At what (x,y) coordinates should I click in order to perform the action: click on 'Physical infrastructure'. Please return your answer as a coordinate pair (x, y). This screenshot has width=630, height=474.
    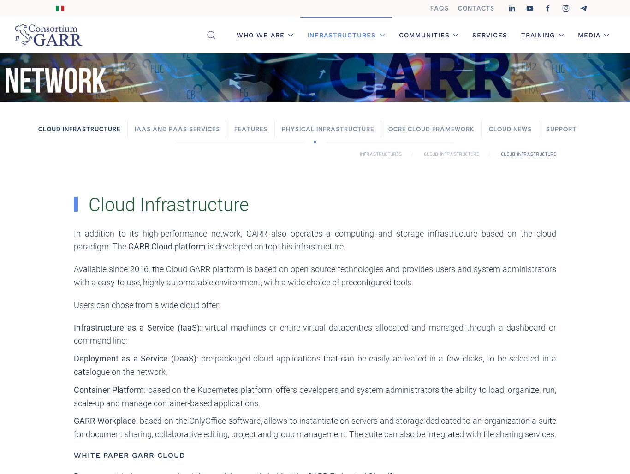
    Looking at the image, I should click on (328, 129).